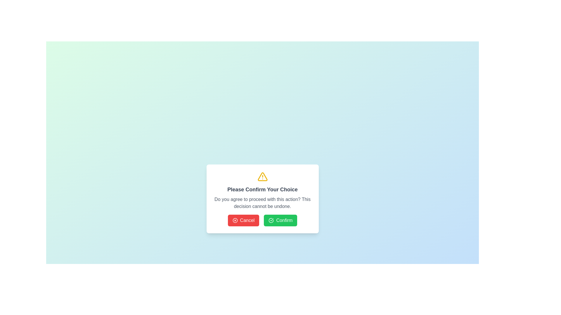  I want to click on the green 'Confirm' button with rounded edges, which has white text and a circular check icon, to confirm the action, so click(280, 220).